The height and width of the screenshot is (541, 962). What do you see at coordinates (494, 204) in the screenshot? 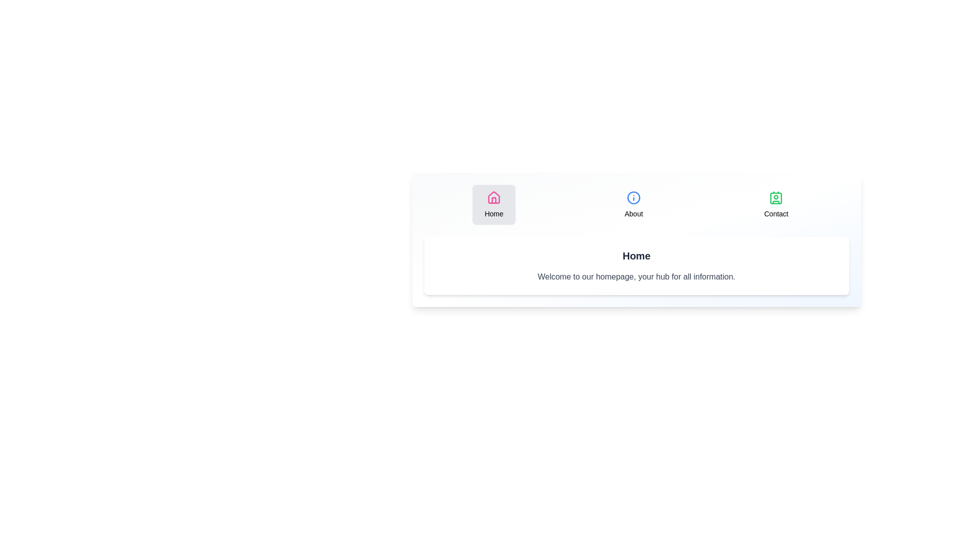
I see `the tab labeled Home to preview its hover effect` at bounding box center [494, 204].